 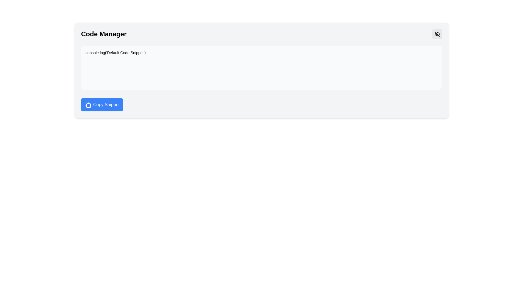 What do you see at coordinates (104, 34) in the screenshot?
I see `the 'Code Manager' text label, which is a bold, large font element located near the top left of the interface` at bounding box center [104, 34].